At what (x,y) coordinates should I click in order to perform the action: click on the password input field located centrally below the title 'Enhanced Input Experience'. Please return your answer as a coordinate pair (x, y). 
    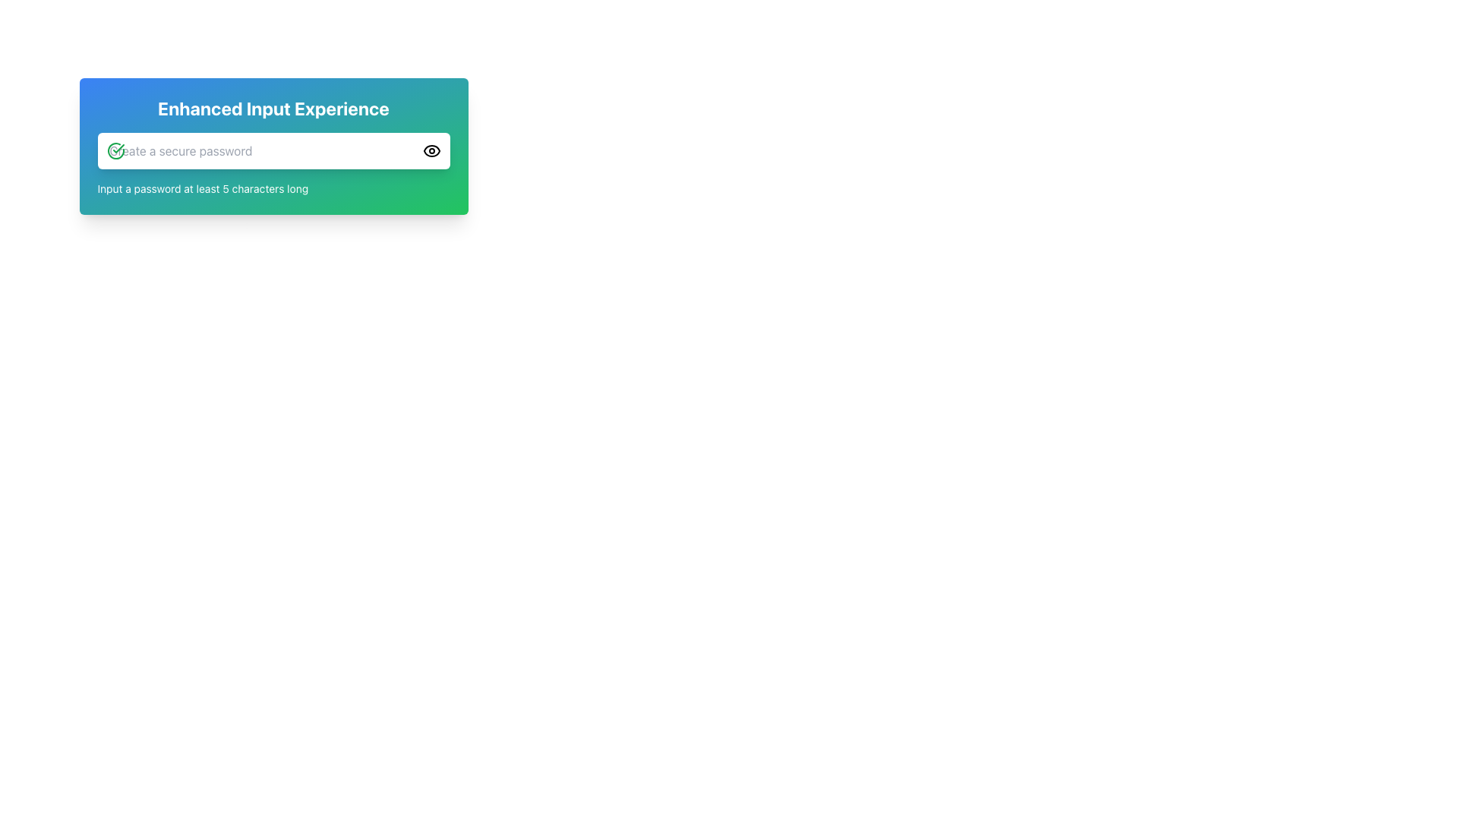
    Looking at the image, I should click on (273, 151).